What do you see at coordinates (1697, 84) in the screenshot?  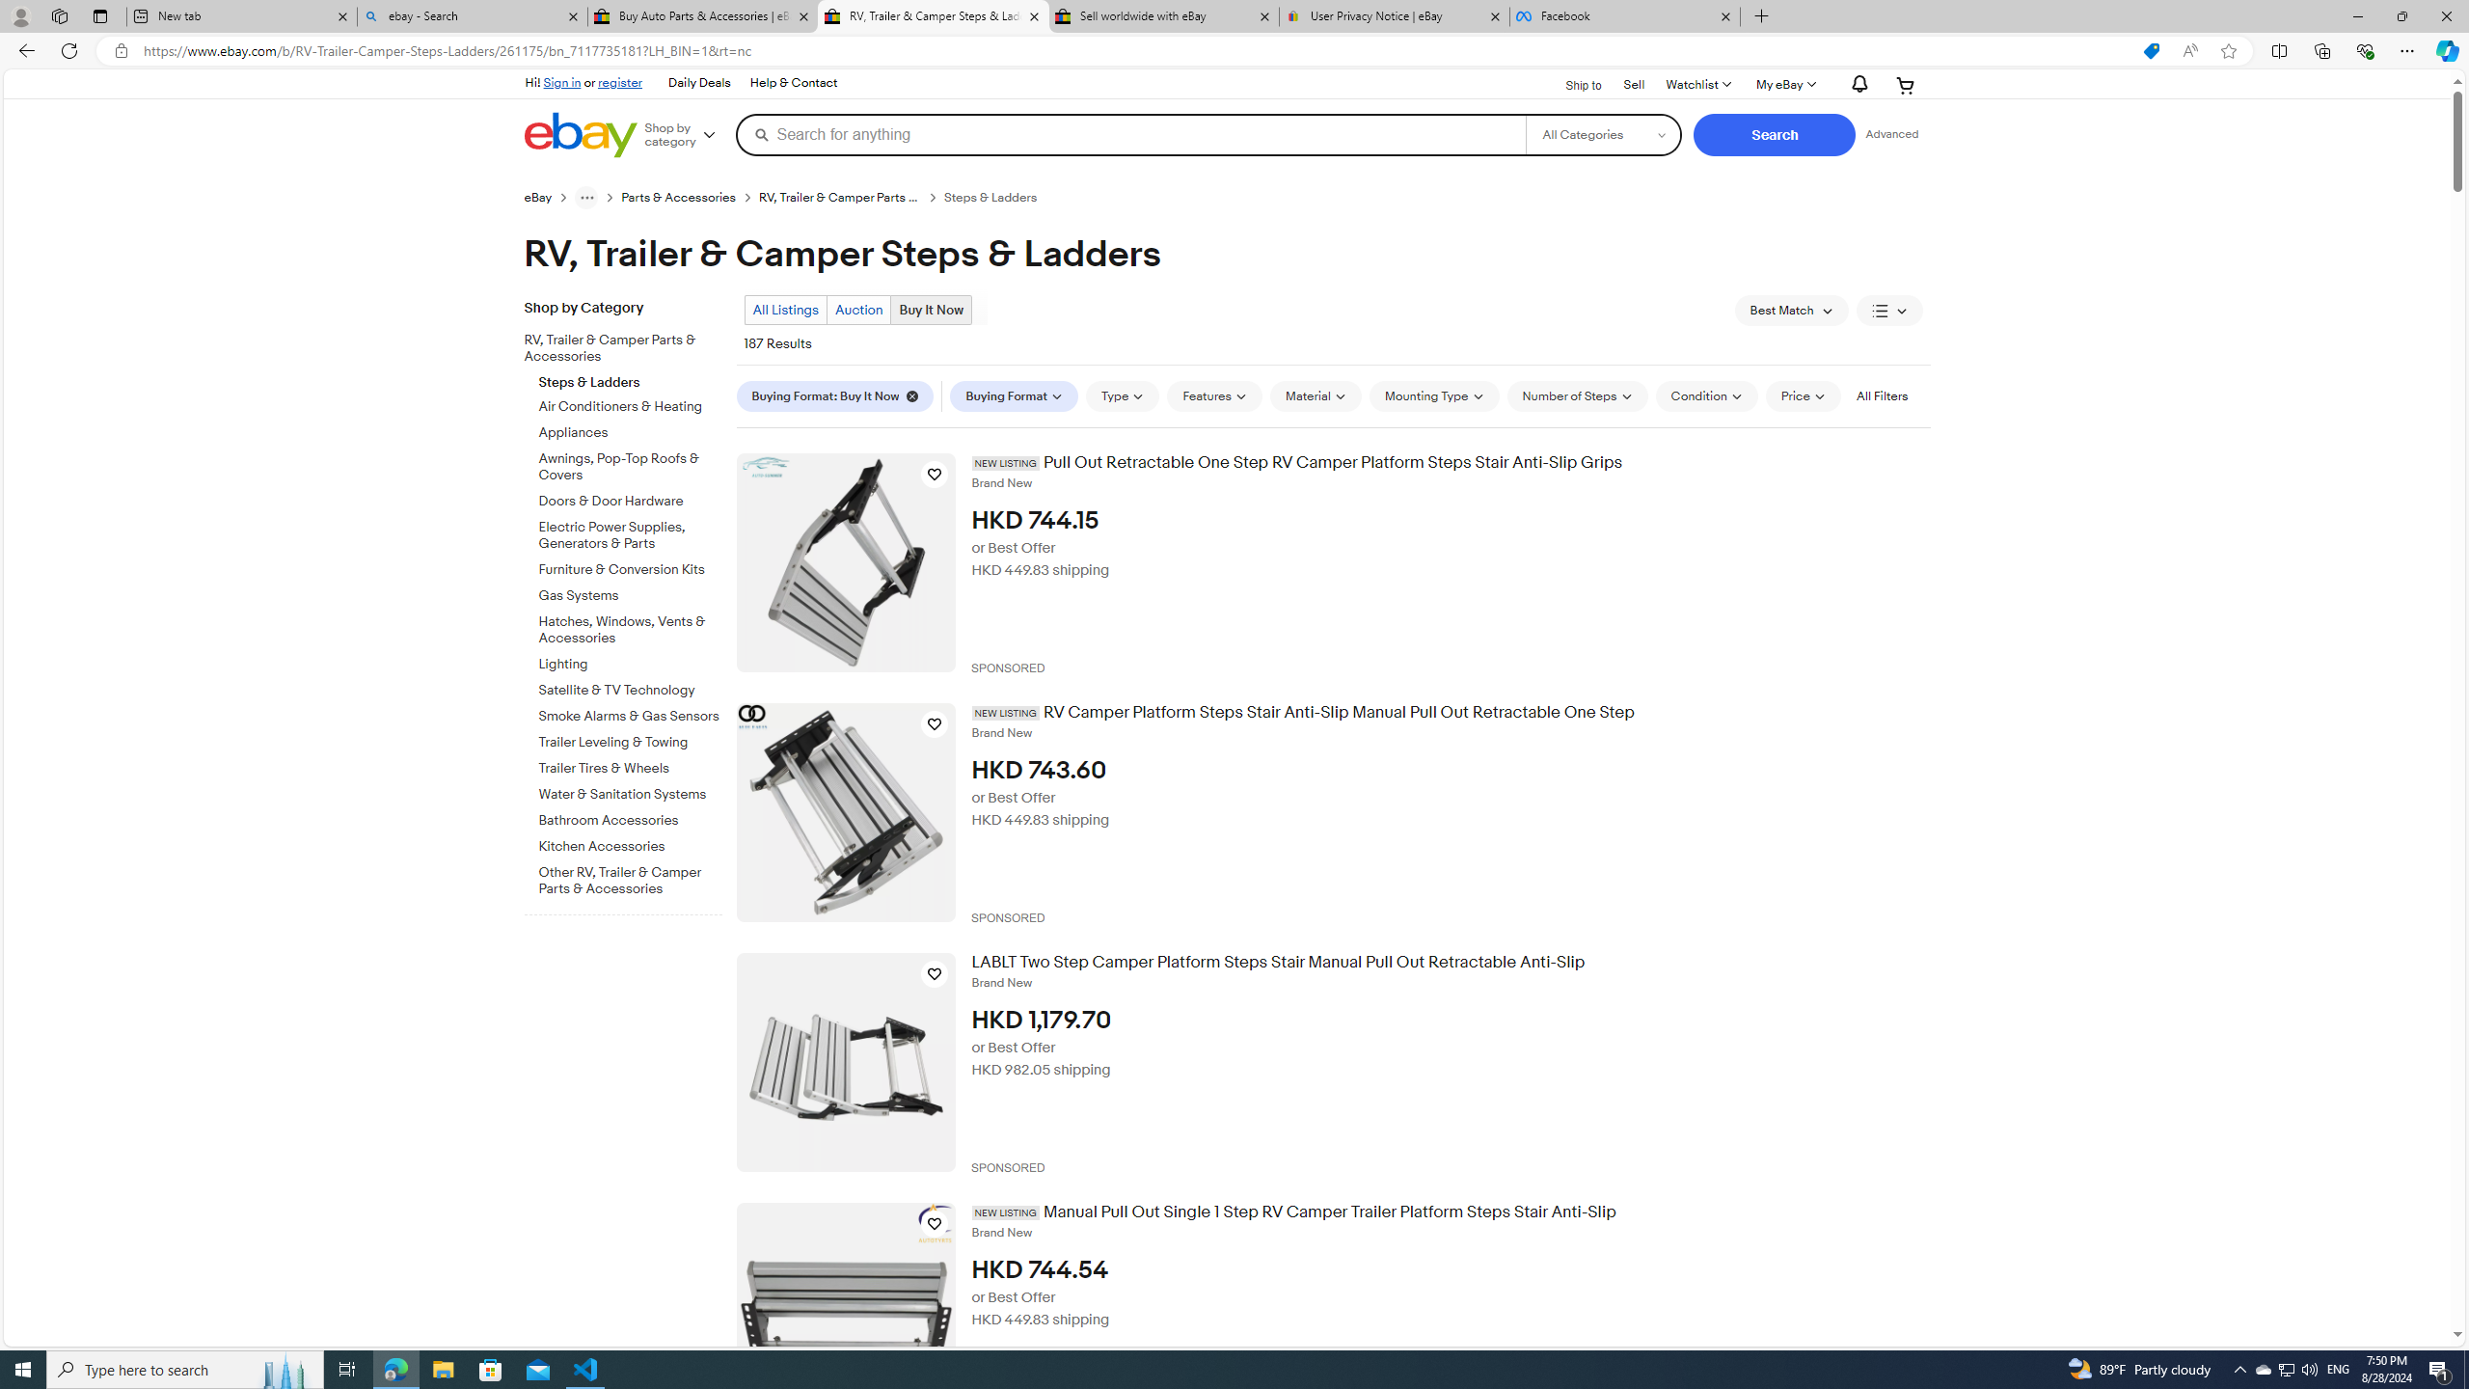 I see `'Watchlist'` at bounding box center [1697, 84].